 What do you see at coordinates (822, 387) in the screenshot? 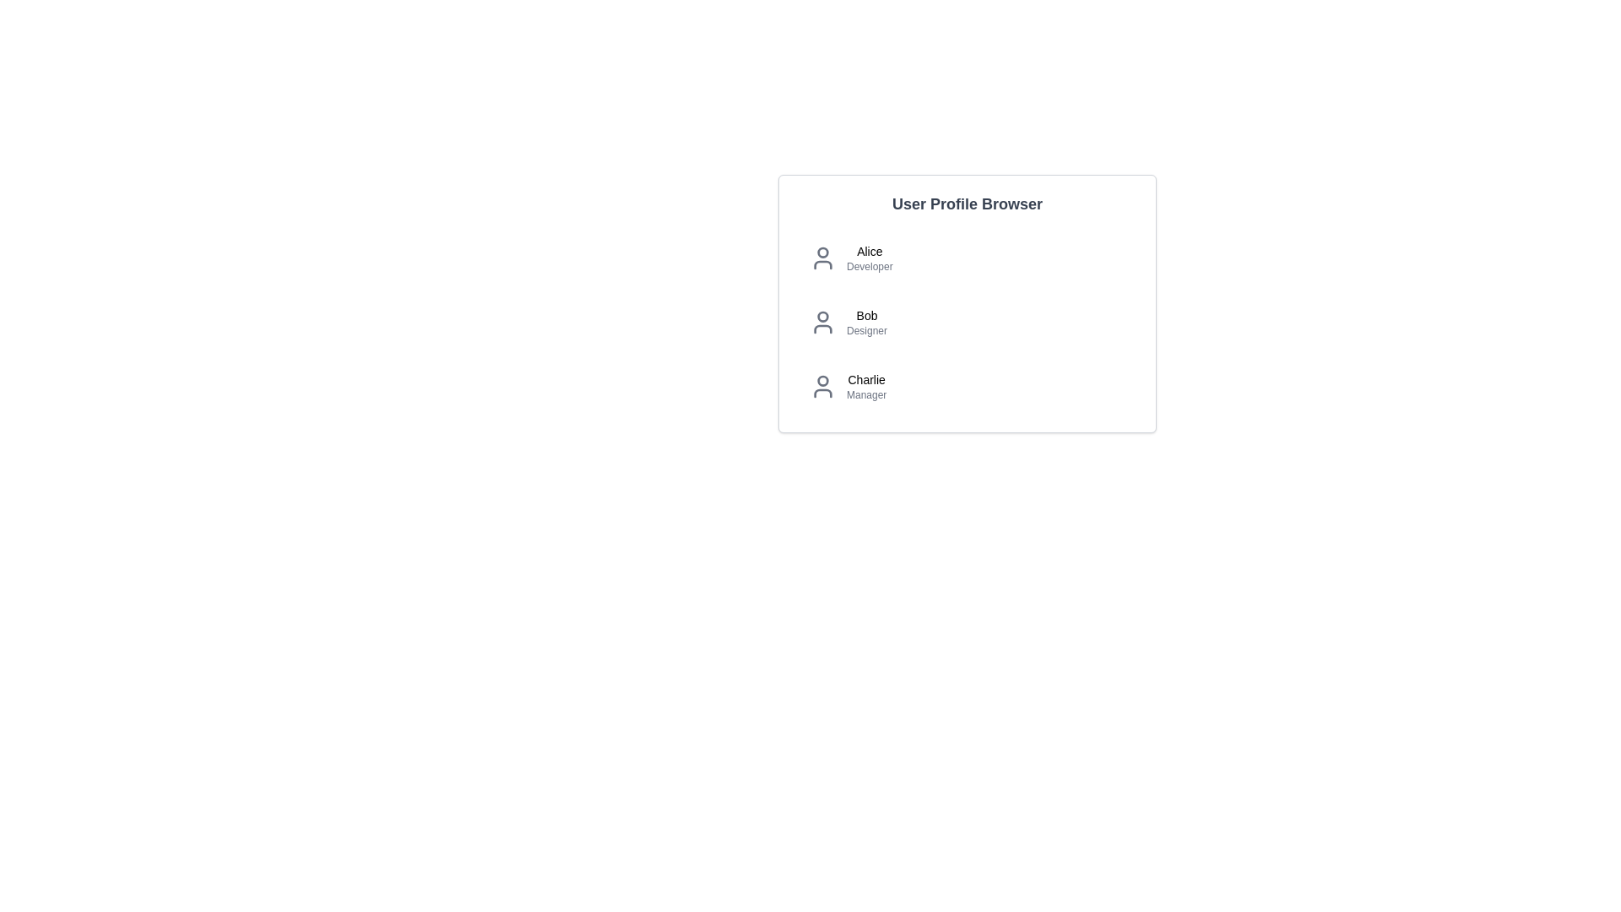
I see `the user profile icon that is gray and circular, located to the left of the text 'Charlie Manager'` at bounding box center [822, 387].